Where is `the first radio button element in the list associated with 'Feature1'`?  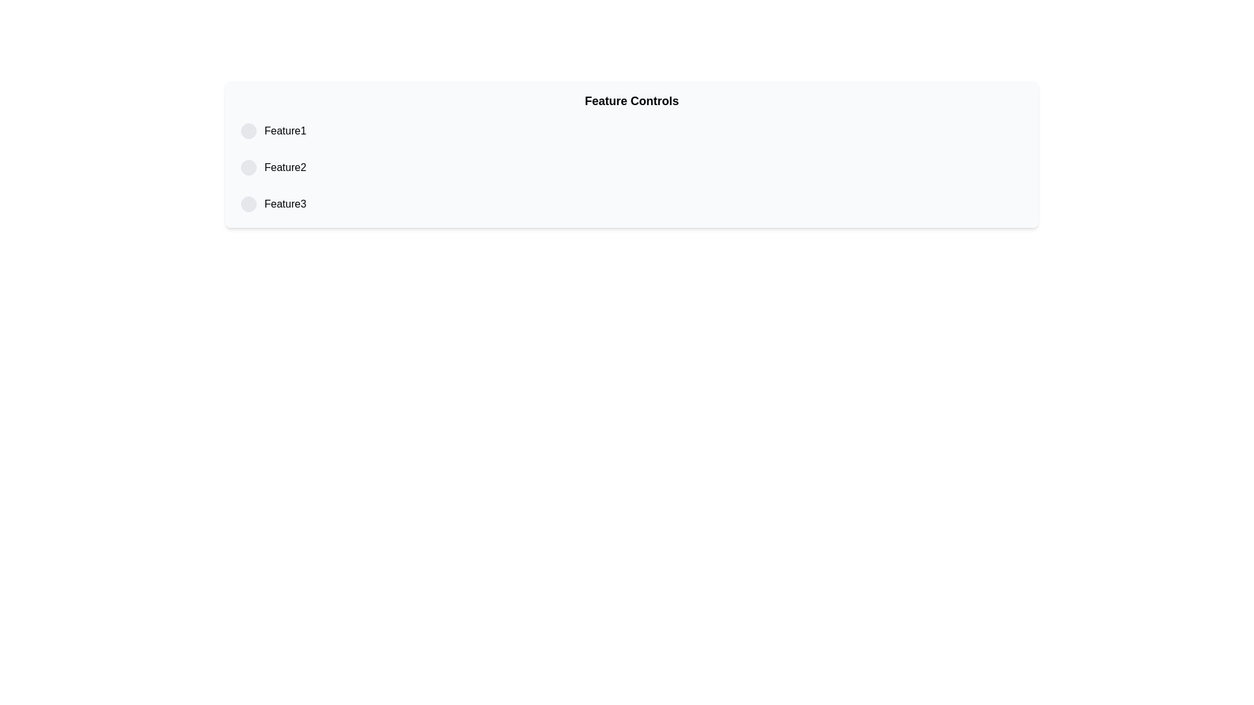 the first radio button element in the list associated with 'Feature1' is located at coordinates (248, 131).